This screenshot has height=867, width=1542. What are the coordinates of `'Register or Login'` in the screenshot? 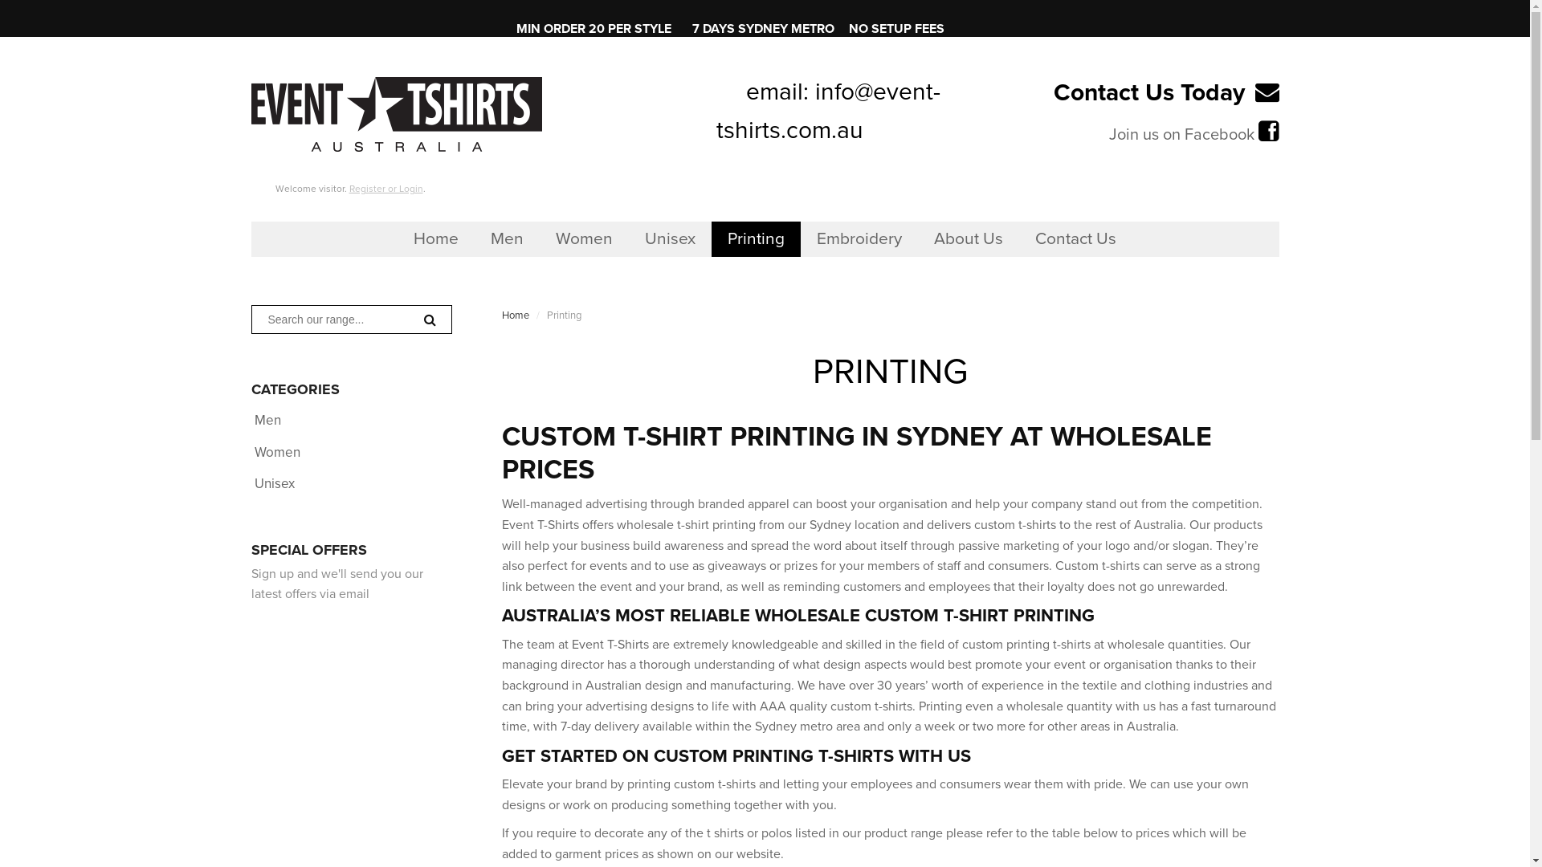 It's located at (347, 188).